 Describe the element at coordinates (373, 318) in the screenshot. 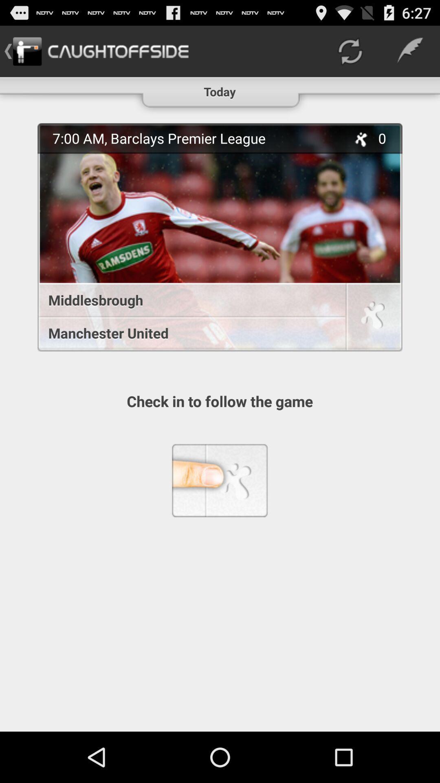

I see `follow the game` at that location.